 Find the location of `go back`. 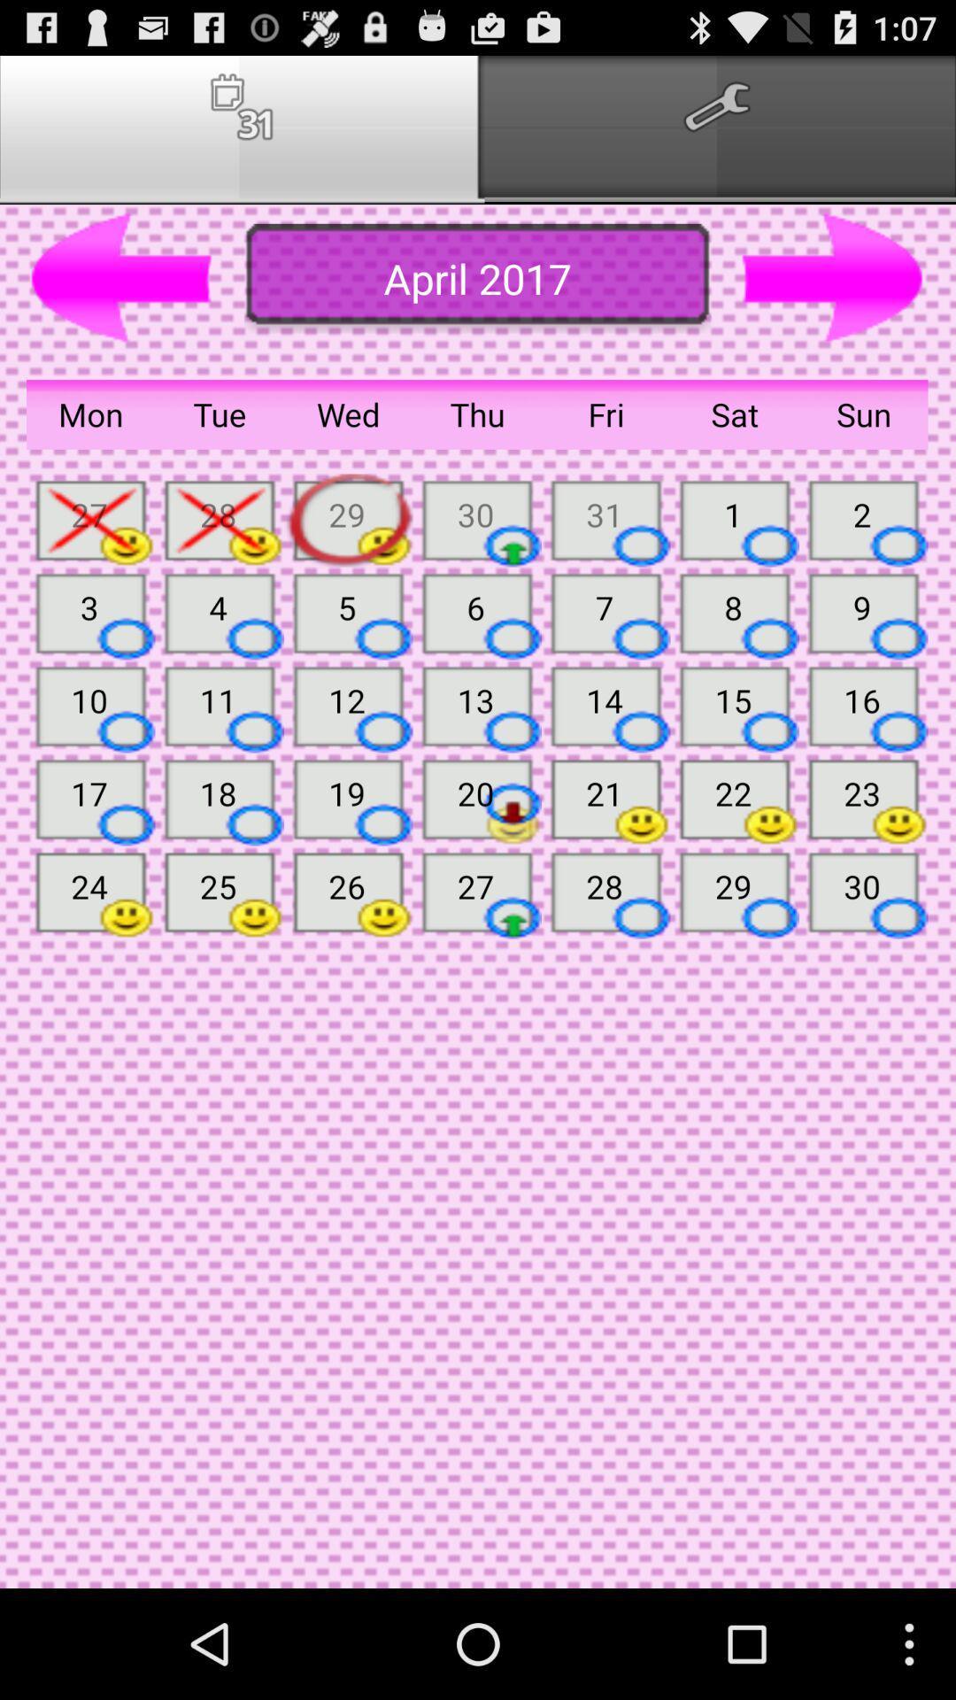

go back is located at coordinates (121, 278).